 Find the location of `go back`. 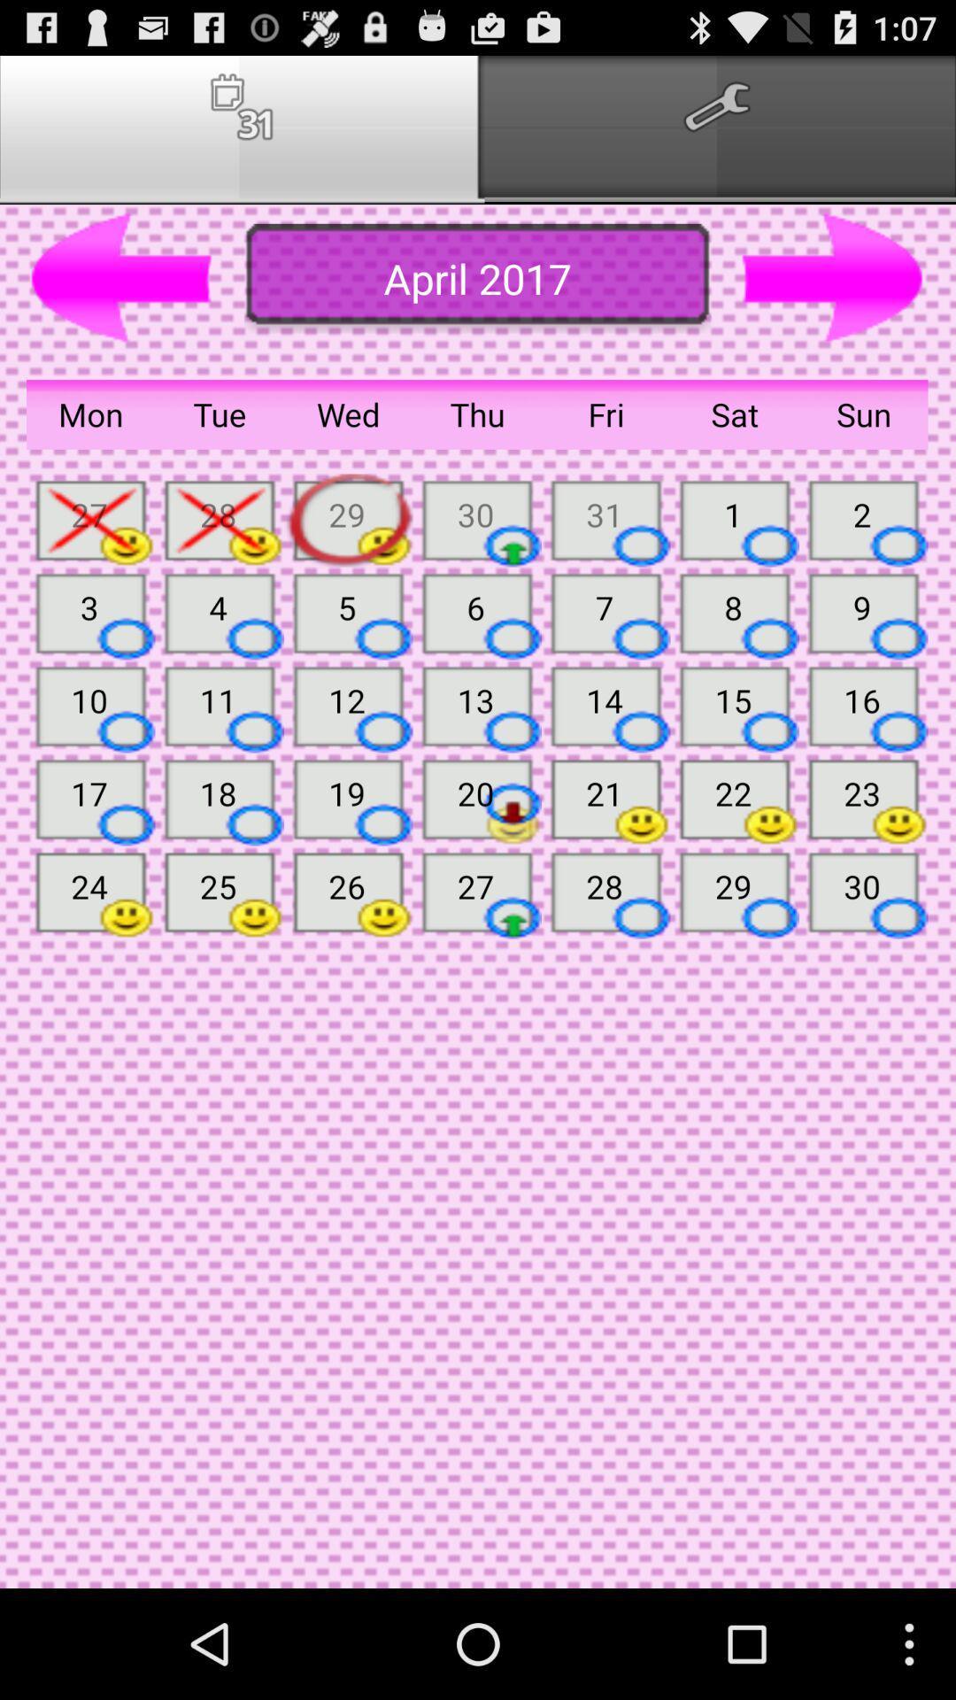

go back is located at coordinates (121, 278).